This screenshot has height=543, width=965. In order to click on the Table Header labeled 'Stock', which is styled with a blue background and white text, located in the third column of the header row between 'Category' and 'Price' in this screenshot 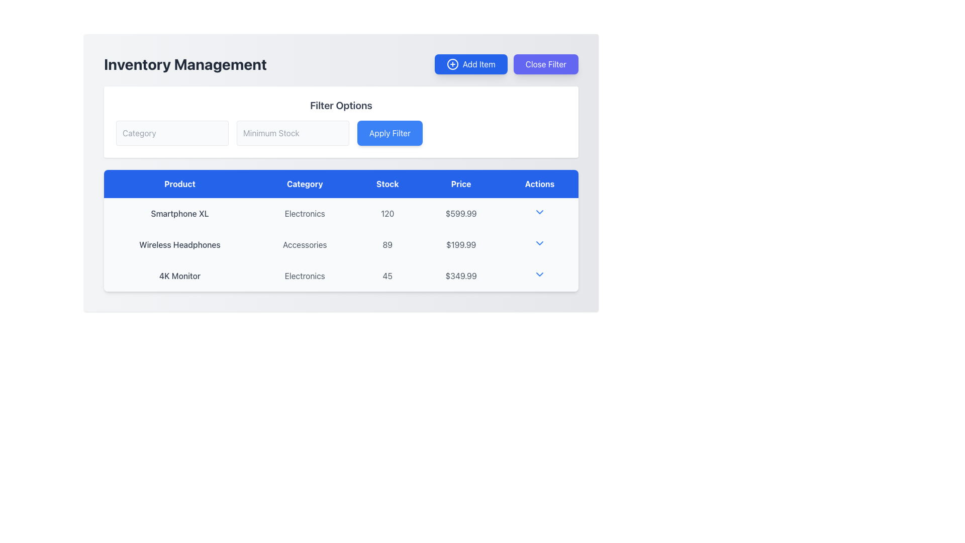, I will do `click(387, 184)`.